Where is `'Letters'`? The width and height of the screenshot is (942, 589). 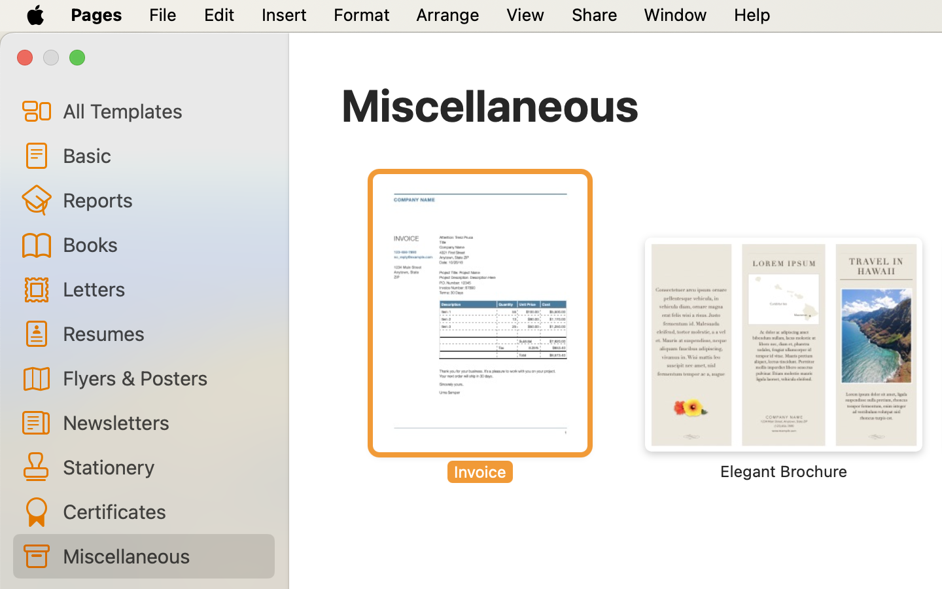
'Letters' is located at coordinates (162, 289).